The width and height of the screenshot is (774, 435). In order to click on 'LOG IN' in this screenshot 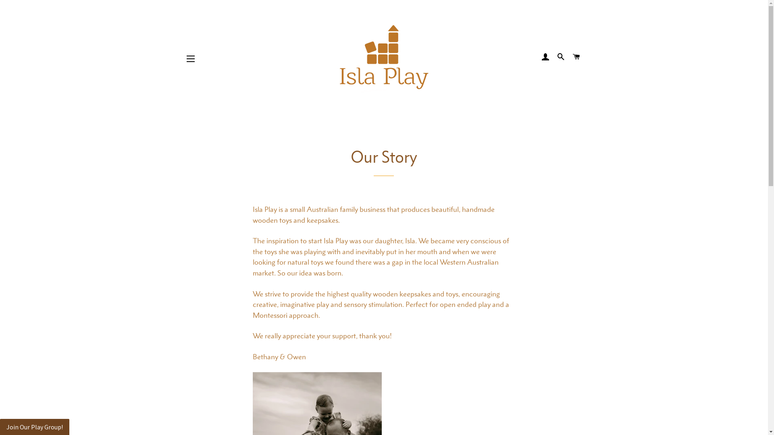, I will do `click(545, 56)`.